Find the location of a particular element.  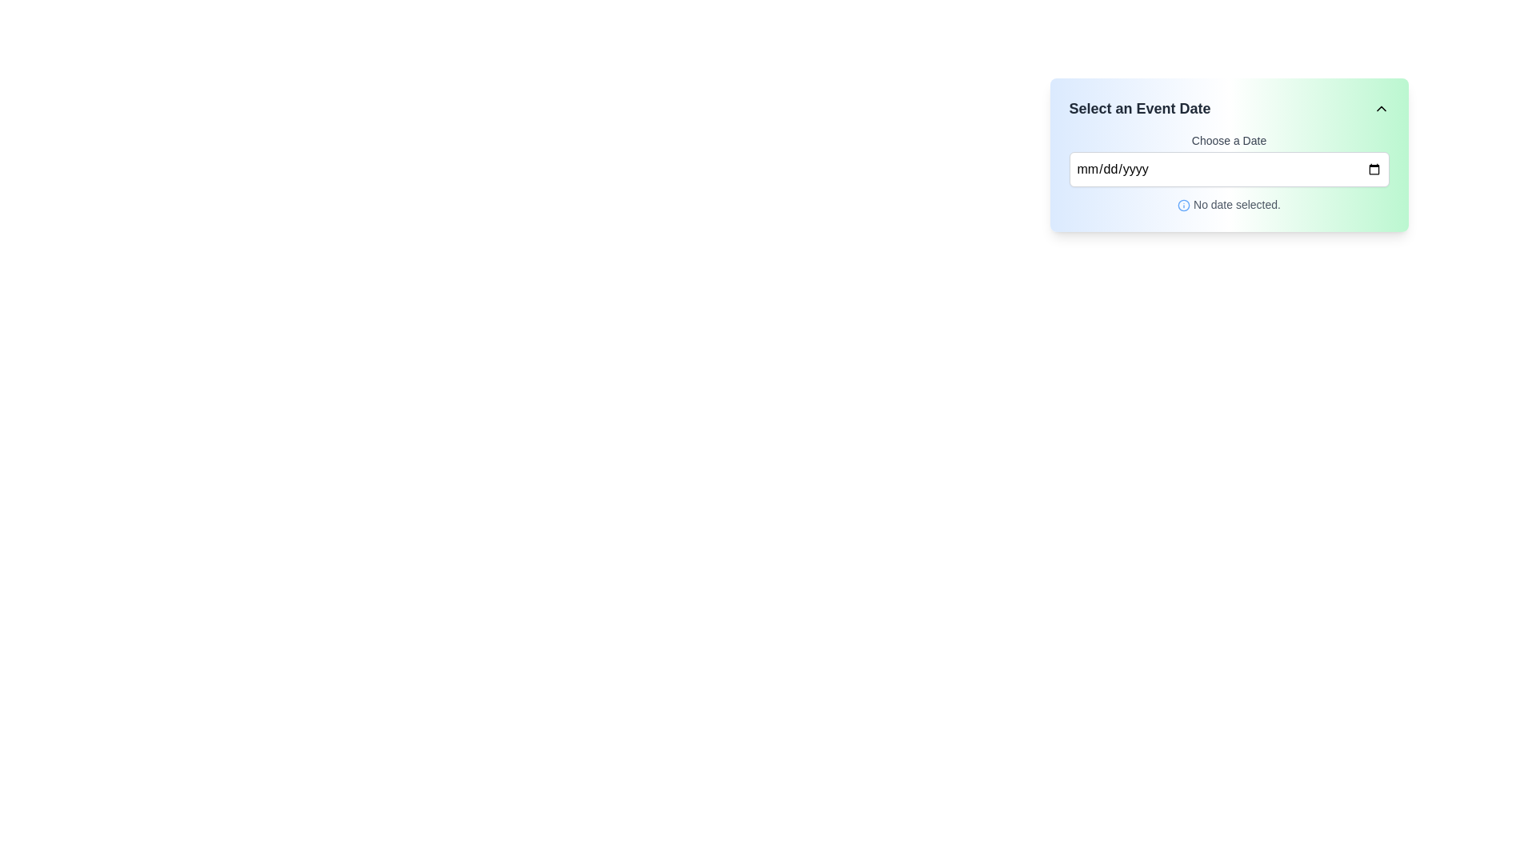

the triangular icon button pointing upwards located to the right of the 'Select an Event Date' section is located at coordinates (1380, 108).